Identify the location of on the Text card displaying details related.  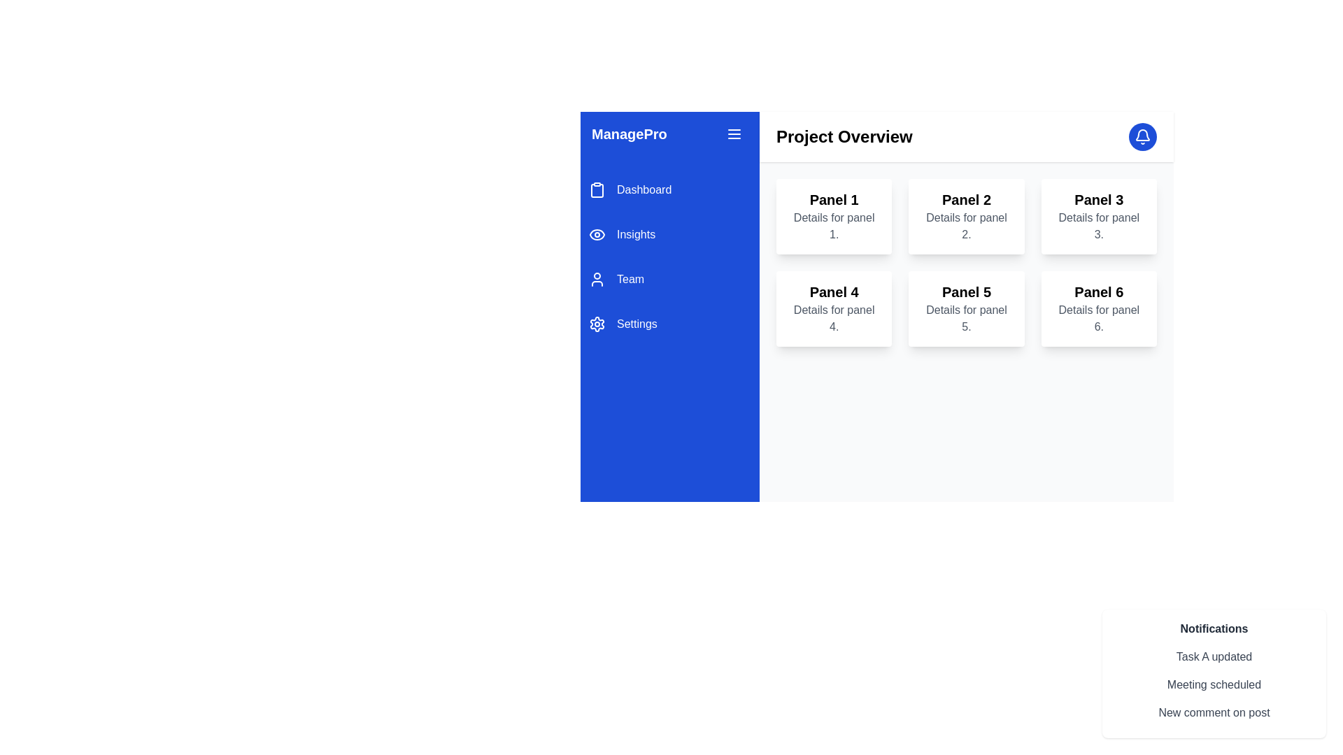
(833, 308).